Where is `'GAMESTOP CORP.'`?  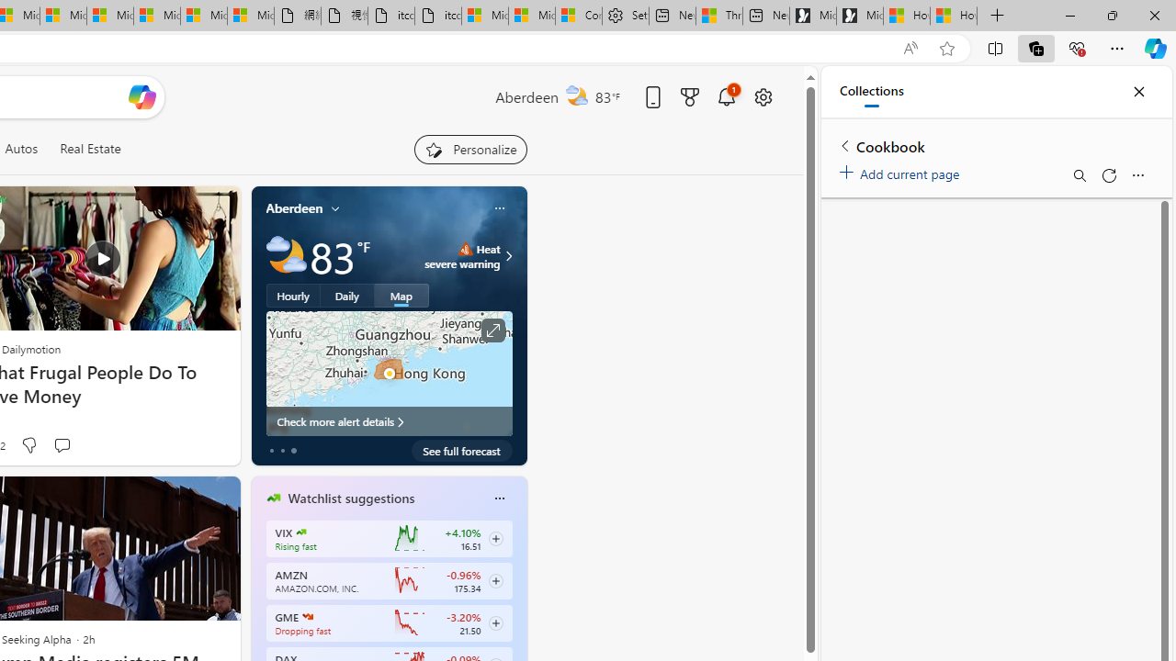 'GAMESTOP CORP.' is located at coordinates (308, 617).